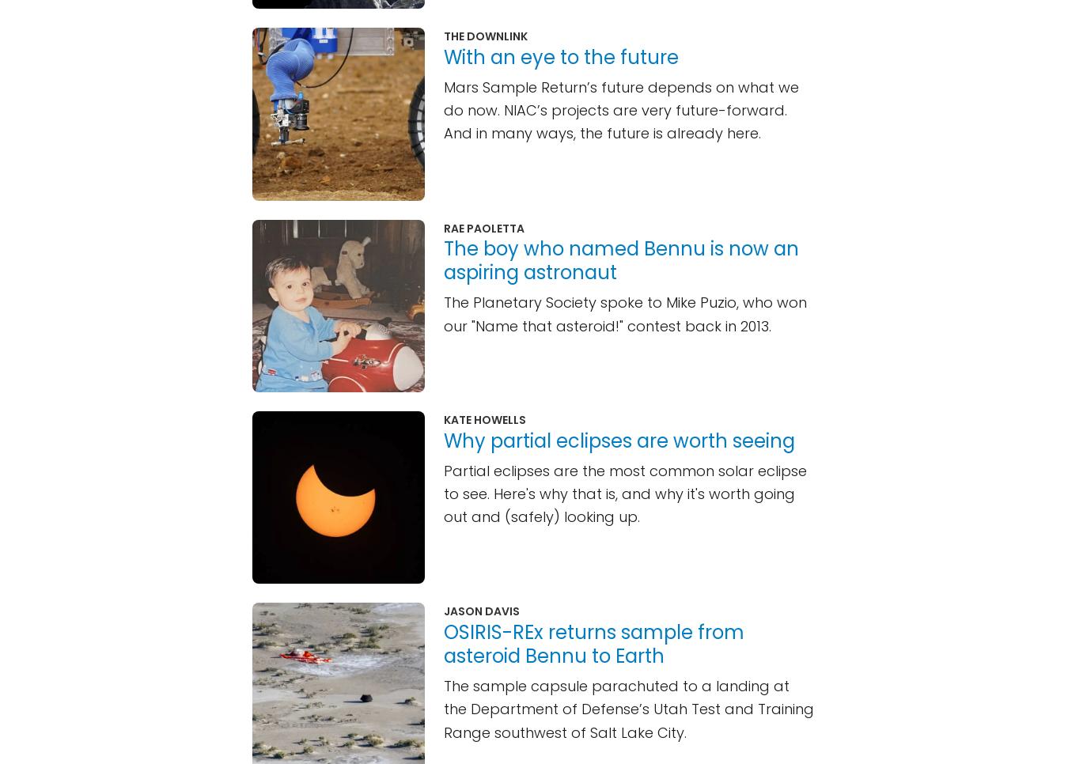  I want to click on 'The boy who named Bennu is now an aspiring astronaut', so click(620, 260).